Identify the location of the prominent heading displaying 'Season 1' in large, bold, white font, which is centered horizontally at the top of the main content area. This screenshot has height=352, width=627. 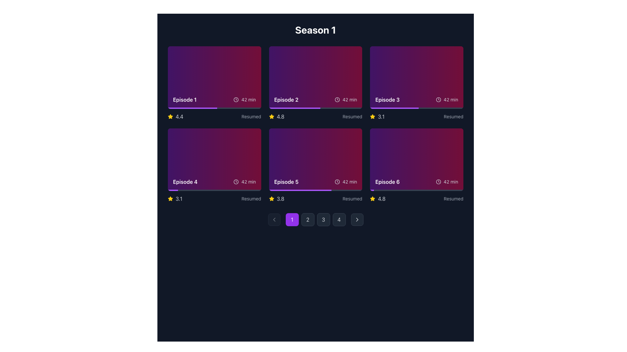
(315, 30).